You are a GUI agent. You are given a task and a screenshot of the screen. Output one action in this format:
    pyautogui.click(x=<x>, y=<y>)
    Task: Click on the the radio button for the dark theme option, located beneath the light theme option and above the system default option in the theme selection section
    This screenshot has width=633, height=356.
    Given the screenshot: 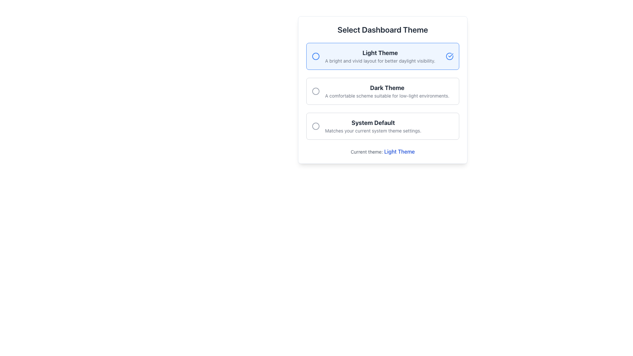 What is the action you would take?
    pyautogui.click(x=387, y=91)
    